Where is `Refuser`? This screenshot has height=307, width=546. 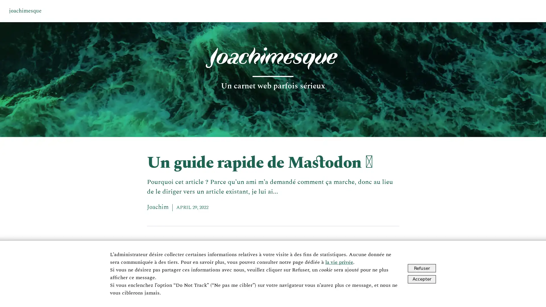
Refuser is located at coordinates (422, 268).